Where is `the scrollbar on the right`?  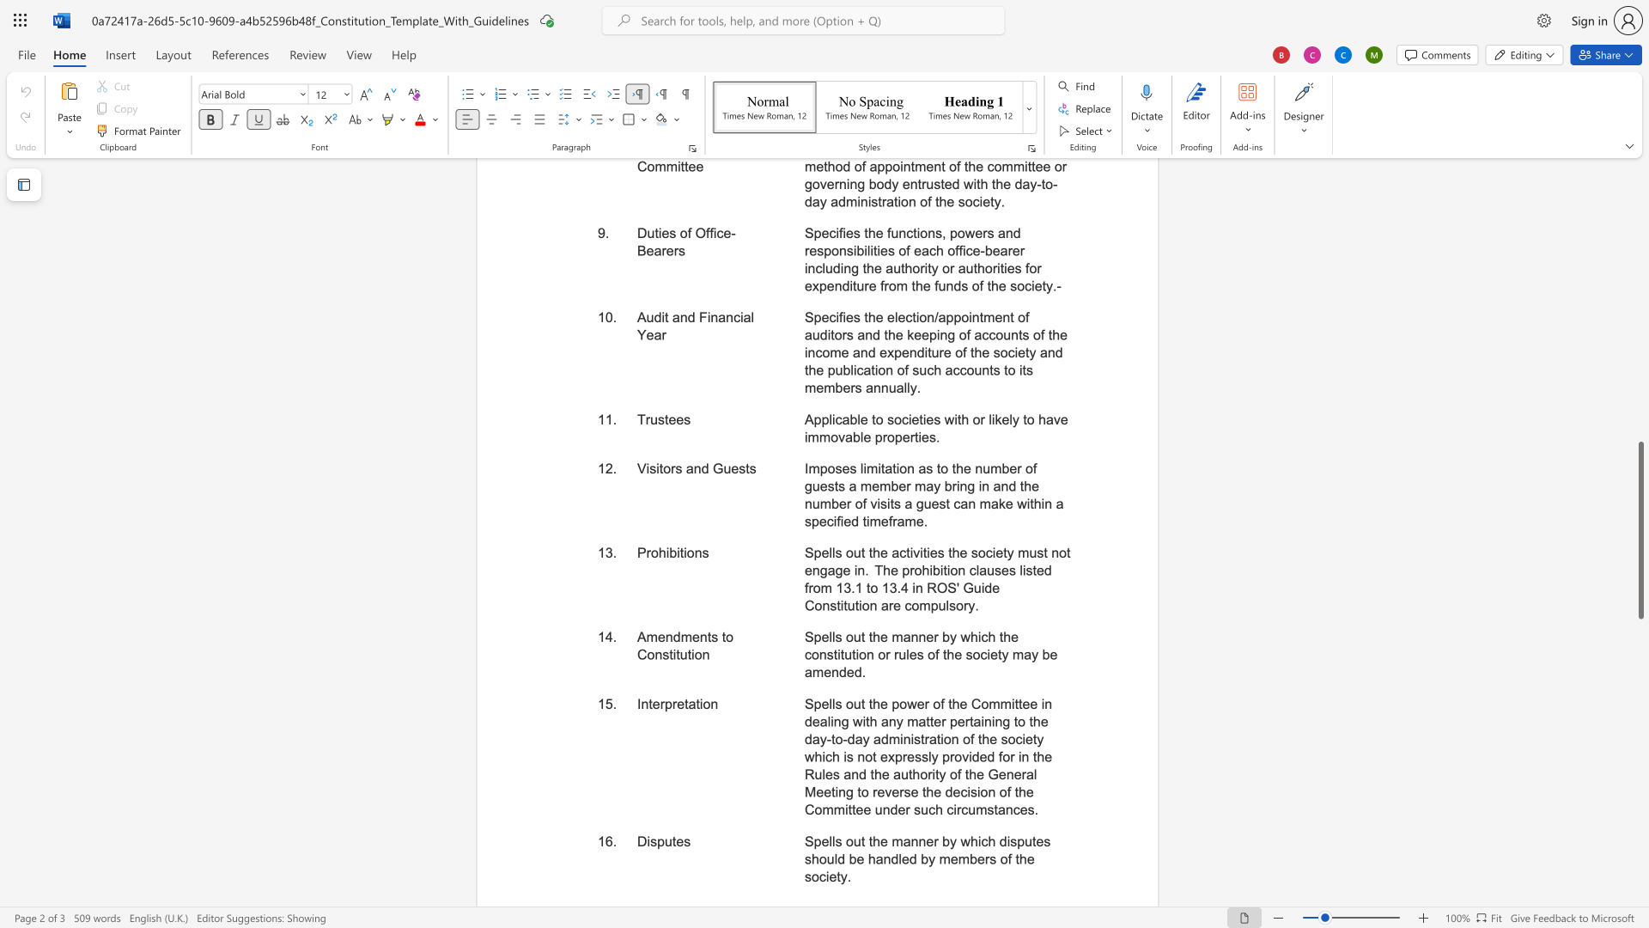 the scrollbar on the right is located at coordinates (1640, 241).